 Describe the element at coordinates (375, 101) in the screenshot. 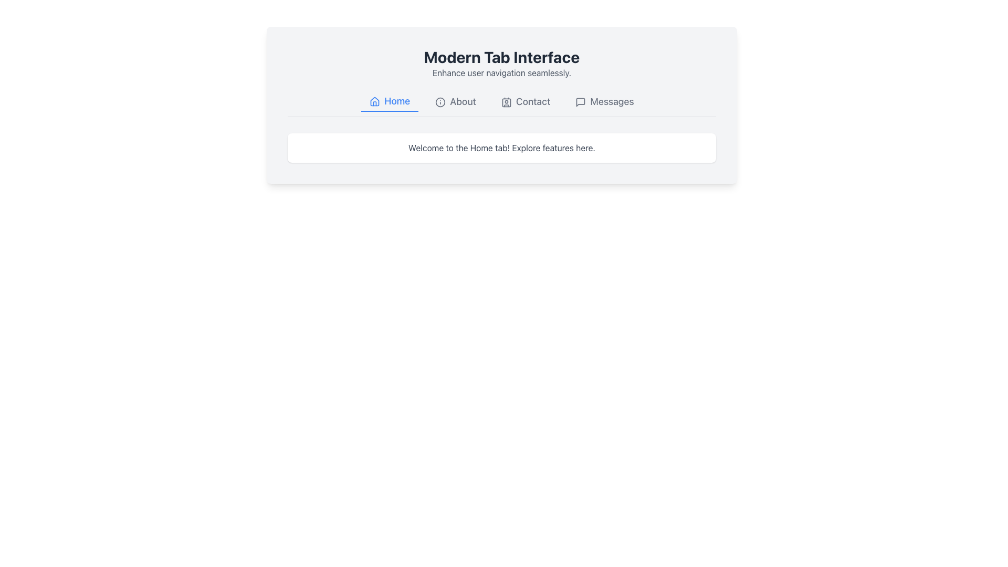

I see `the SVG house icon located to the left of the 'Home' label in the navigation bar, characterized by a triangular roof and square base outline with a minimalist design` at that location.